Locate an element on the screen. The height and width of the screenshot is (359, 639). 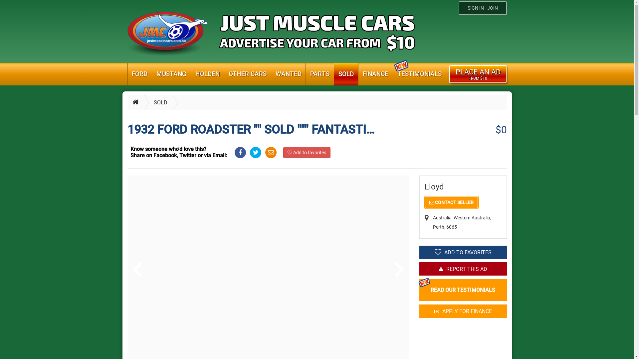
'READ OUR TESTIMONIALS' is located at coordinates (463, 290).